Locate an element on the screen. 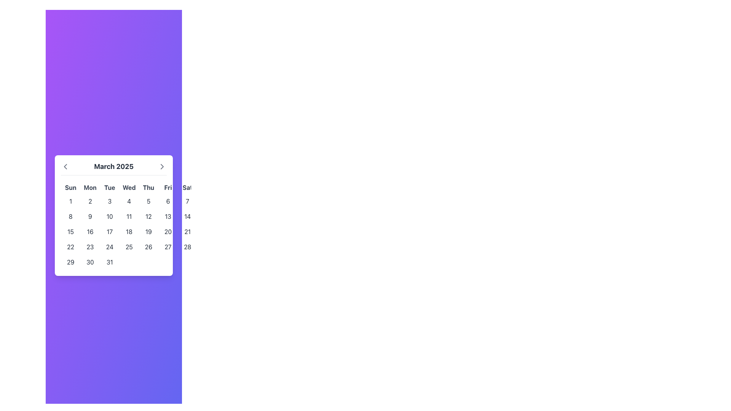 The image size is (731, 411). the non-interactive Text Display element showing numbers '8 9 10 11 12 13 14' located in the second row of the March 2025 calendar grid is located at coordinates (129, 216).